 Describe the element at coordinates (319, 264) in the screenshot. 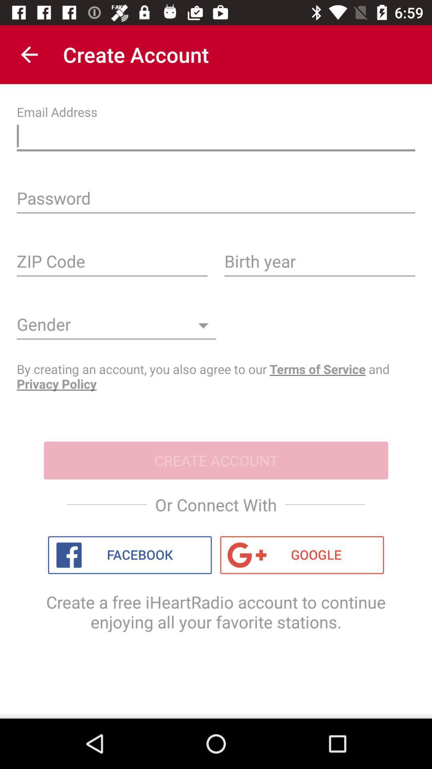

I see `birth year entered here` at that location.